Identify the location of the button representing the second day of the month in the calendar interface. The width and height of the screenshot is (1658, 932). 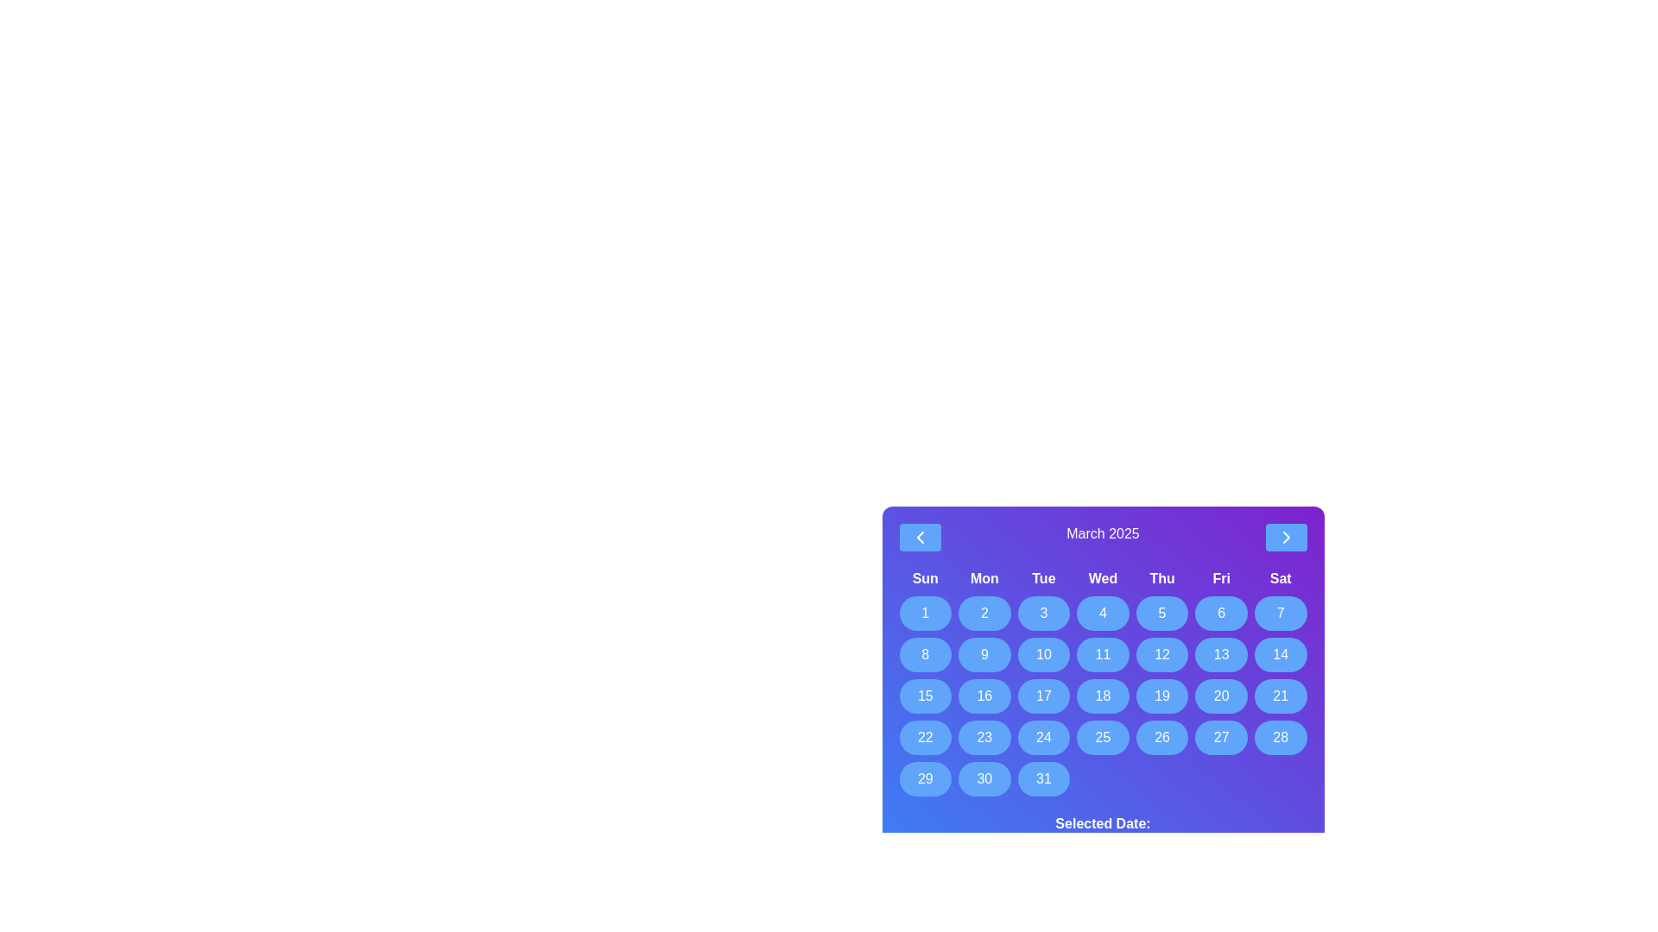
(984, 612).